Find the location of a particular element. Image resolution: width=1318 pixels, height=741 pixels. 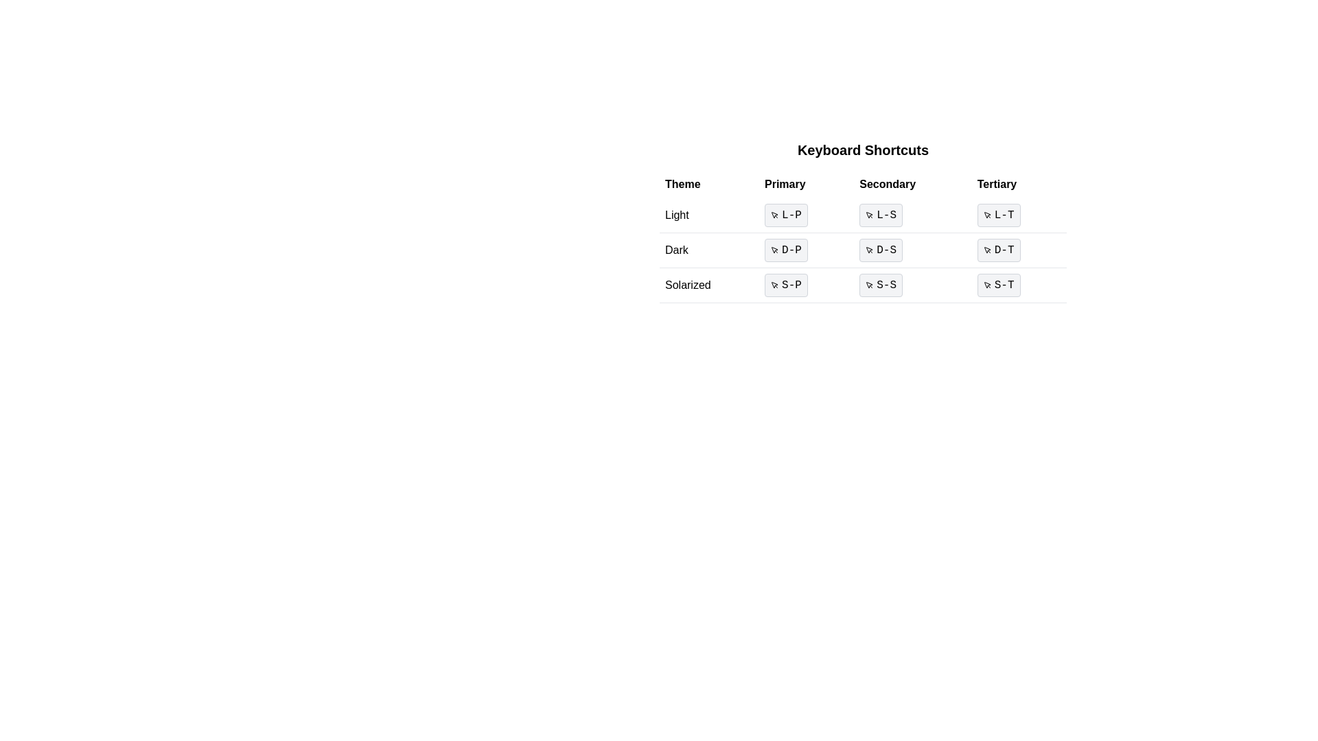

the small SVG icon shaped like a cursor arrow, which is located within the button labeled 'L-S' in the 'Secondary' column of the 'Light' theme row is located at coordinates (869, 215).